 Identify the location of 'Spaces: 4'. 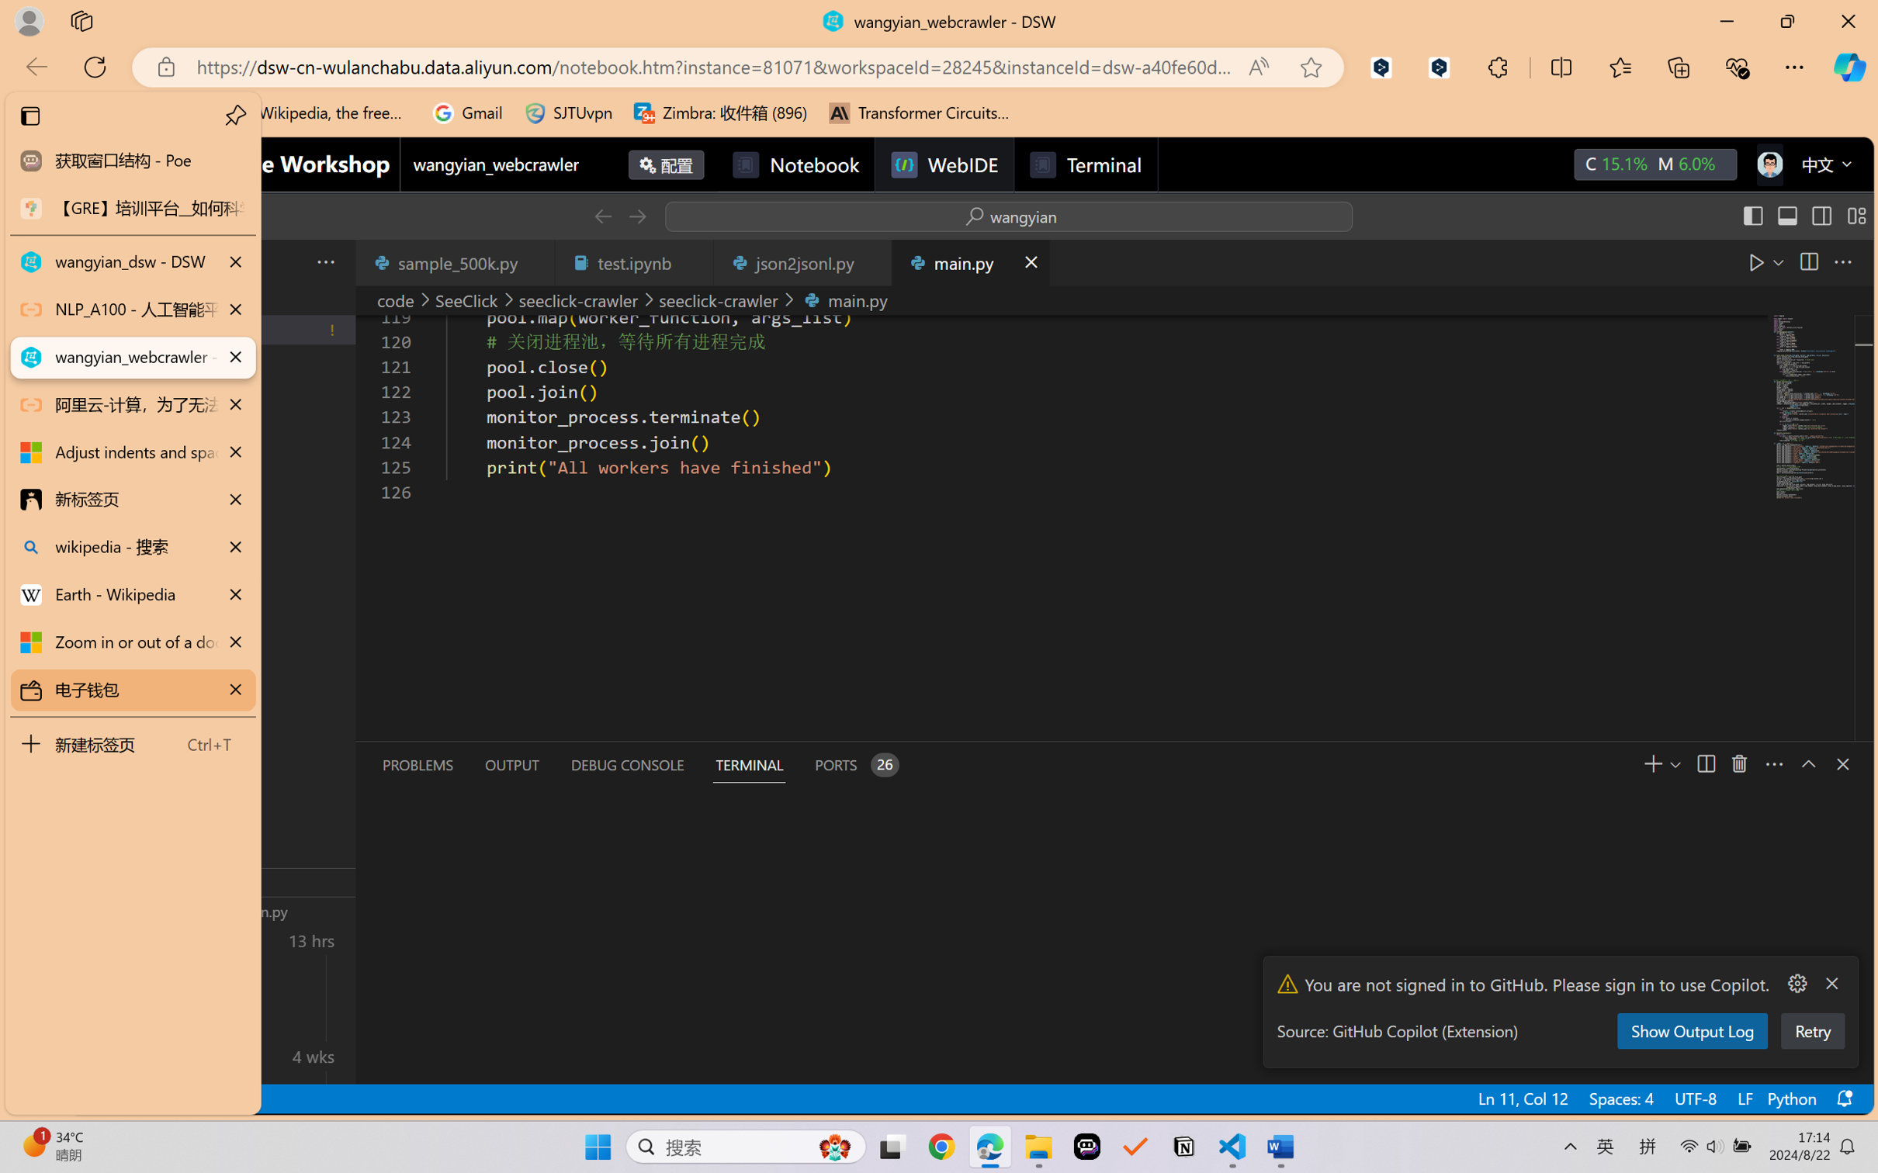
(1620, 1098).